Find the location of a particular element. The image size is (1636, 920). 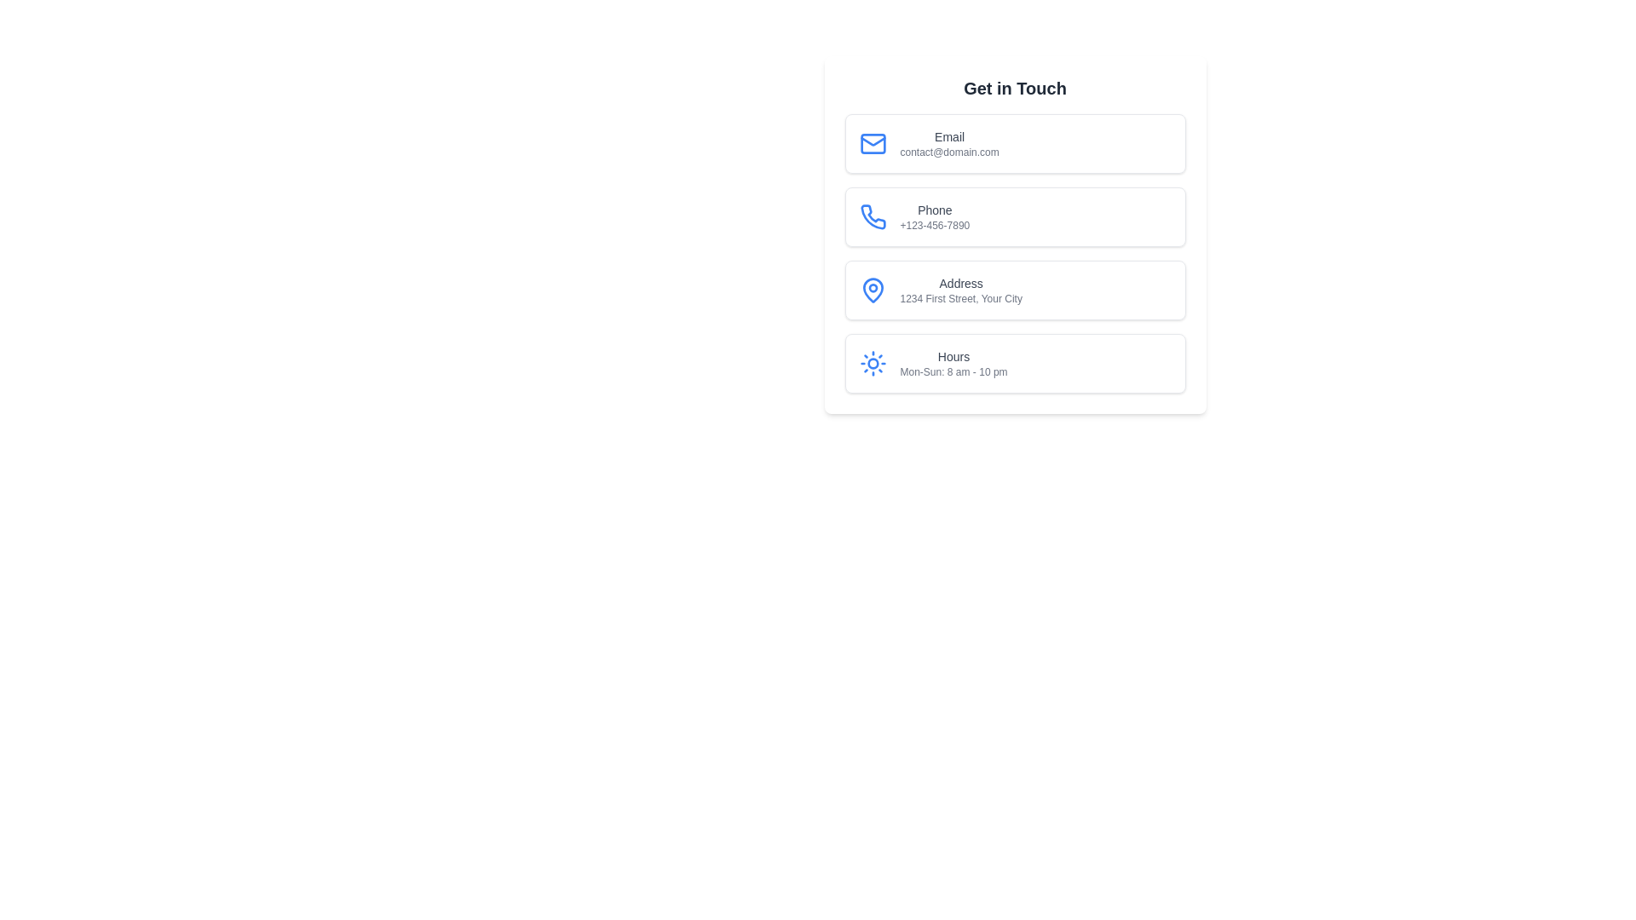

the prominent heading 'Get in Touch' styled with large, bold typography and dark gray color located at the top of the contact information card is located at coordinates (1015, 89).